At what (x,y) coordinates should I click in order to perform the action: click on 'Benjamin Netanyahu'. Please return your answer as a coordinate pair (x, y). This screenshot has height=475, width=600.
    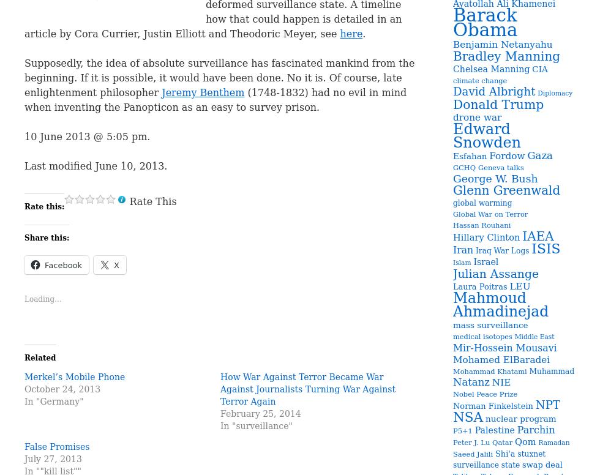
    Looking at the image, I should click on (503, 44).